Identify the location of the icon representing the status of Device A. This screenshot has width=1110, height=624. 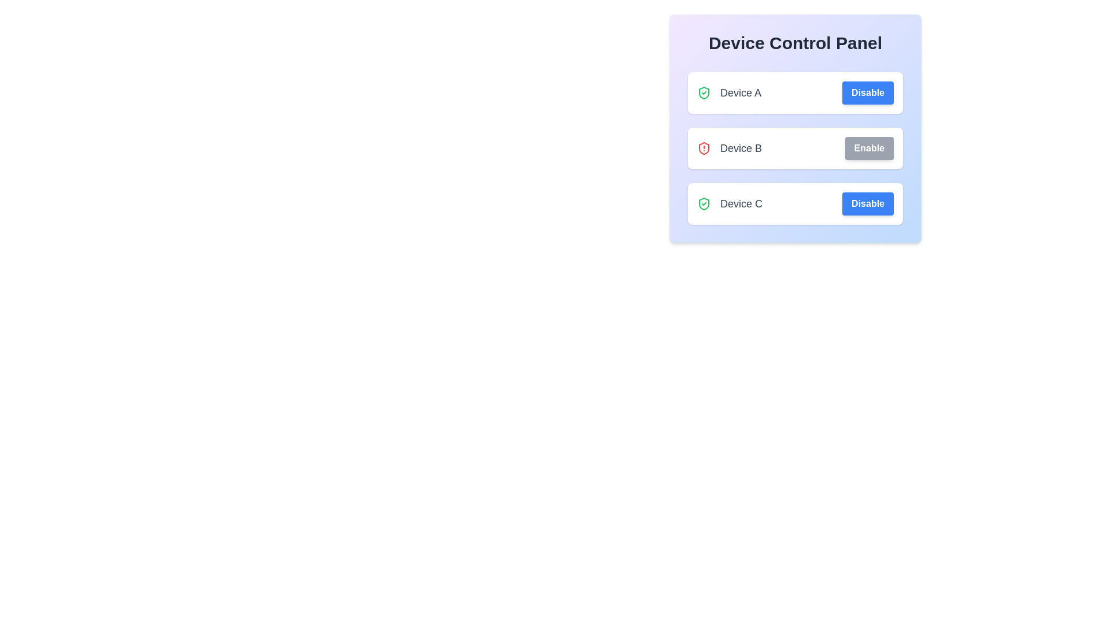
(704, 92).